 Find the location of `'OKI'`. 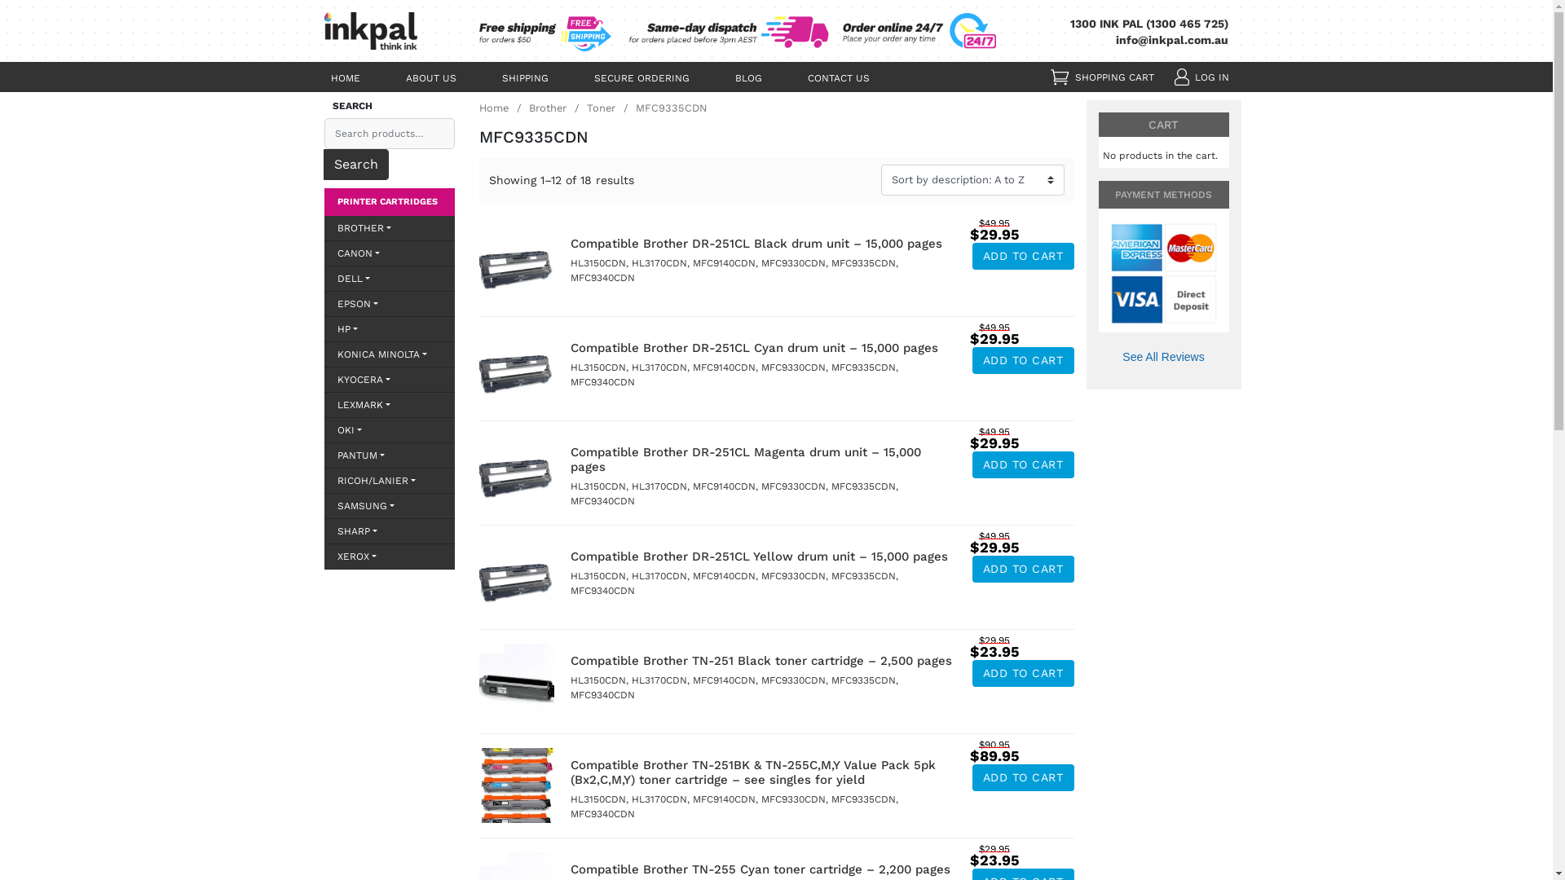

'OKI' is located at coordinates (389, 429).